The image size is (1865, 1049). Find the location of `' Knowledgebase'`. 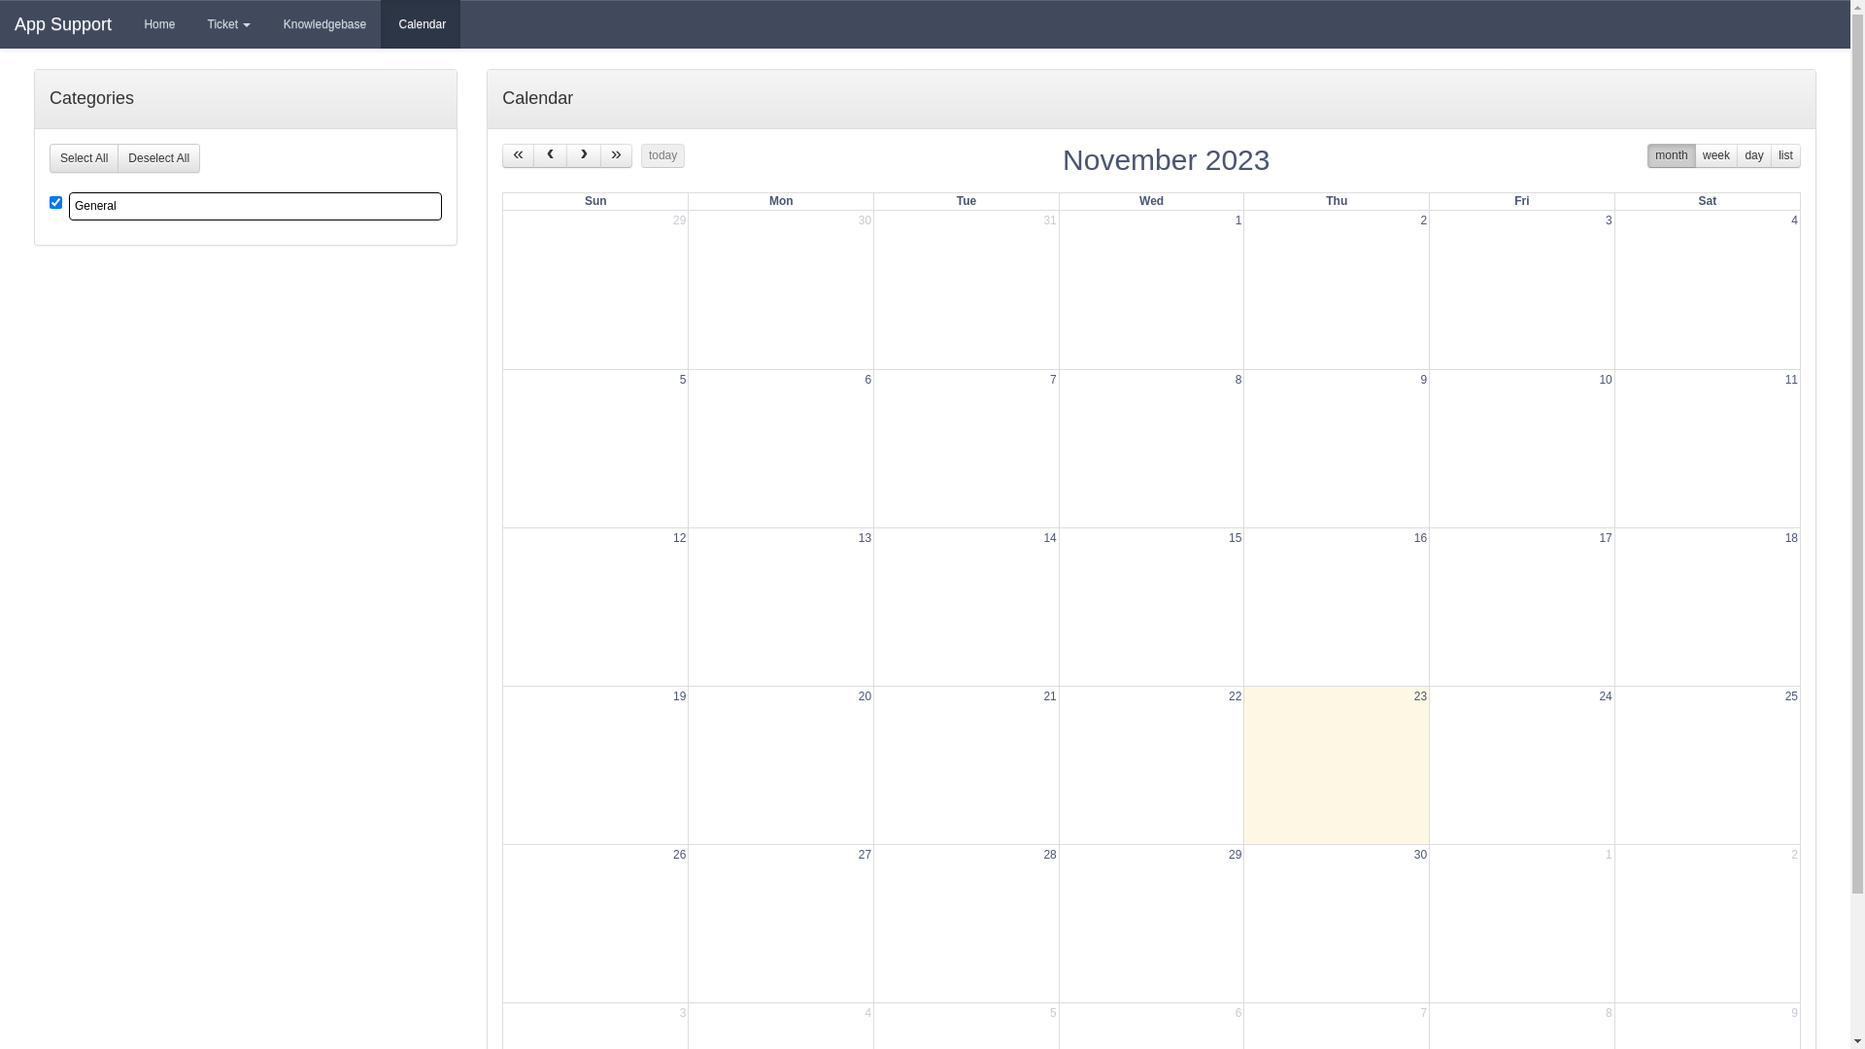

' Knowledgebase' is located at coordinates (322, 23).